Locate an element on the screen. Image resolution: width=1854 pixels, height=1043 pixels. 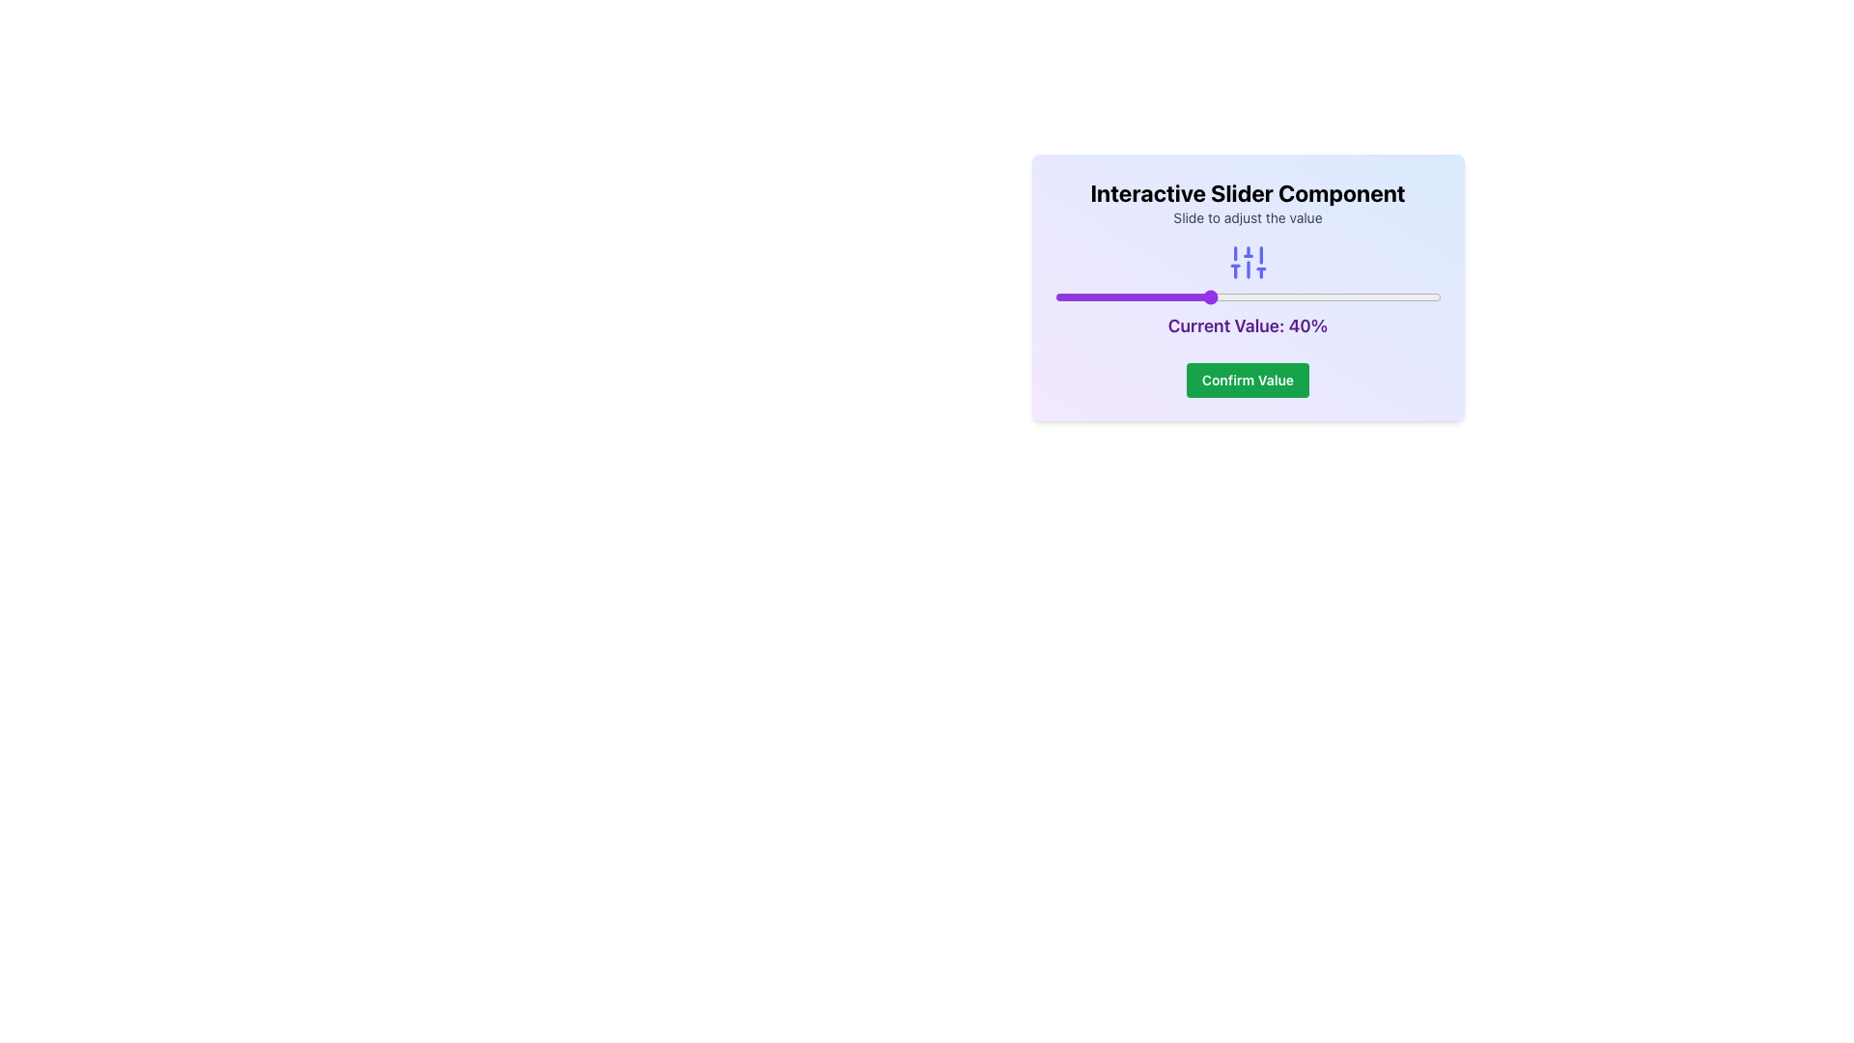
the slider is located at coordinates (1406, 297).